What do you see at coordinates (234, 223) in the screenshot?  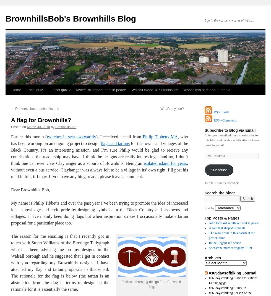 I see `'John Bernard Whittaker, rest in peace.'` at bounding box center [234, 223].